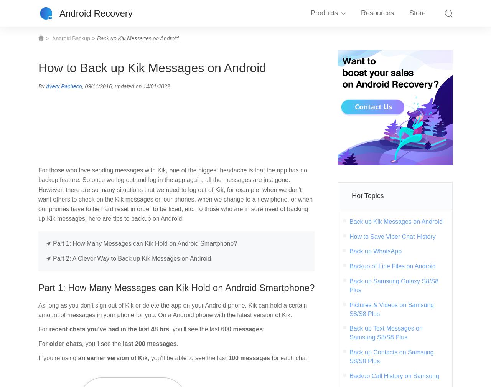  Describe the element at coordinates (196, 123) in the screenshot. I see `'iPhone Data
Recovery'` at that location.